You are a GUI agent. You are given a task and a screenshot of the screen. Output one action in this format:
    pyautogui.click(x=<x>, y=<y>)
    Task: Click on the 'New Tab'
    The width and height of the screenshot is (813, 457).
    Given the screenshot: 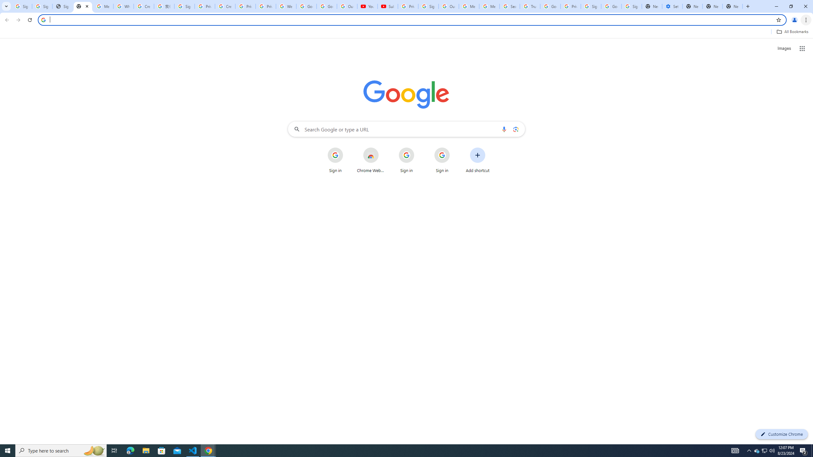 What is the action you would take?
    pyautogui.click(x=747, y=6)
    